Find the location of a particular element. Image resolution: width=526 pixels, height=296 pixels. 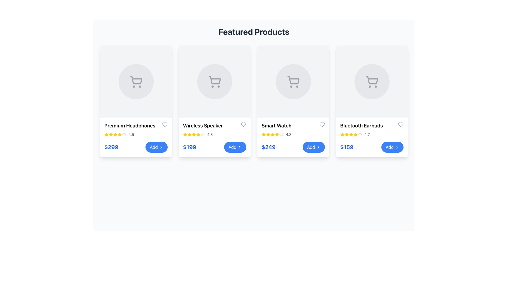

the shopping cart icon, which is a decorative graphical icon styled in medium gray color, located at the center of the first card from the left in a horizontal grid of product cards is located at coordinates (136, 81).